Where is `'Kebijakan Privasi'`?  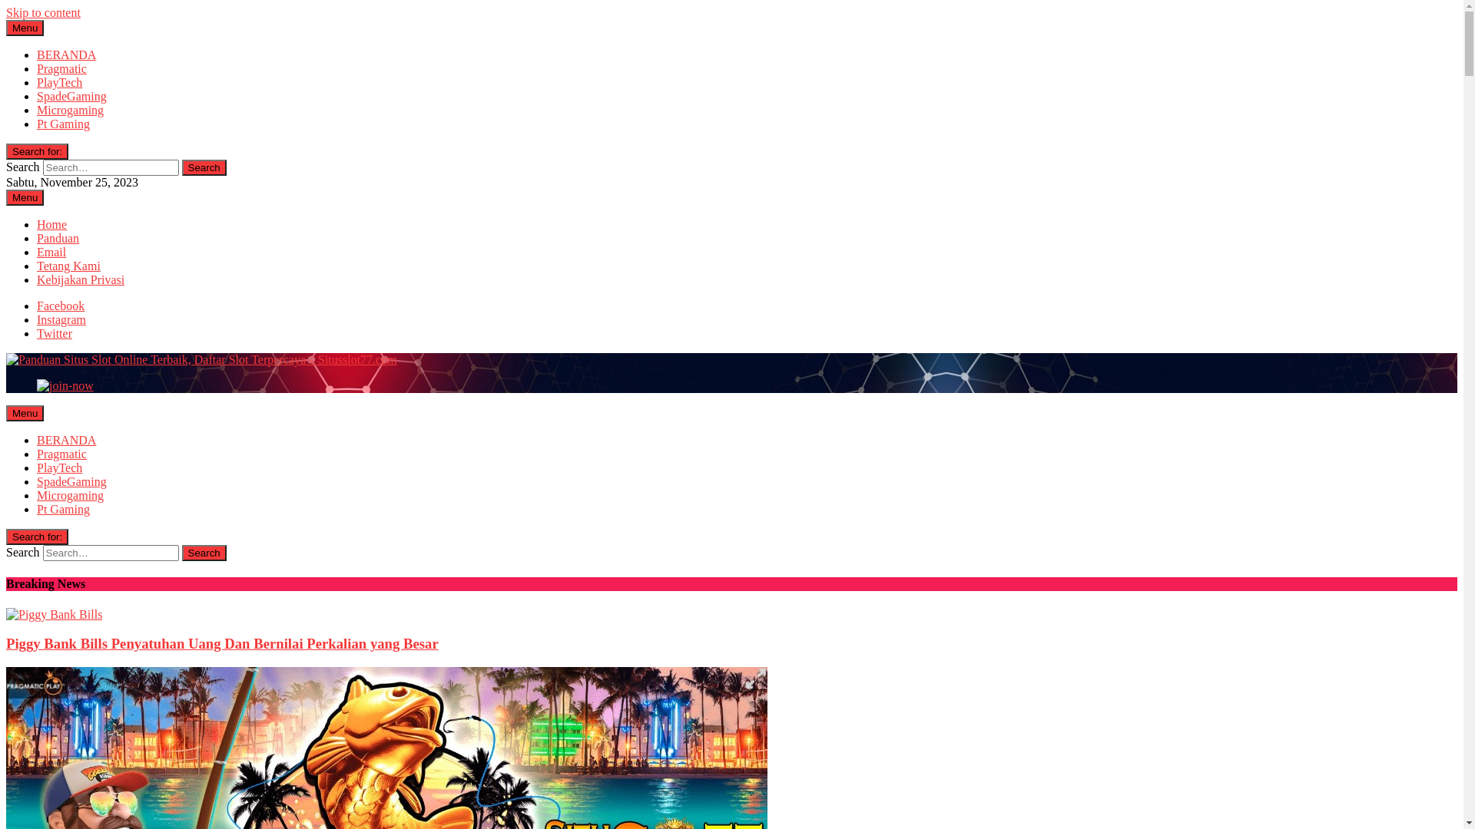 'Kebijakan Privasi' is located at coordinates (80, 279).